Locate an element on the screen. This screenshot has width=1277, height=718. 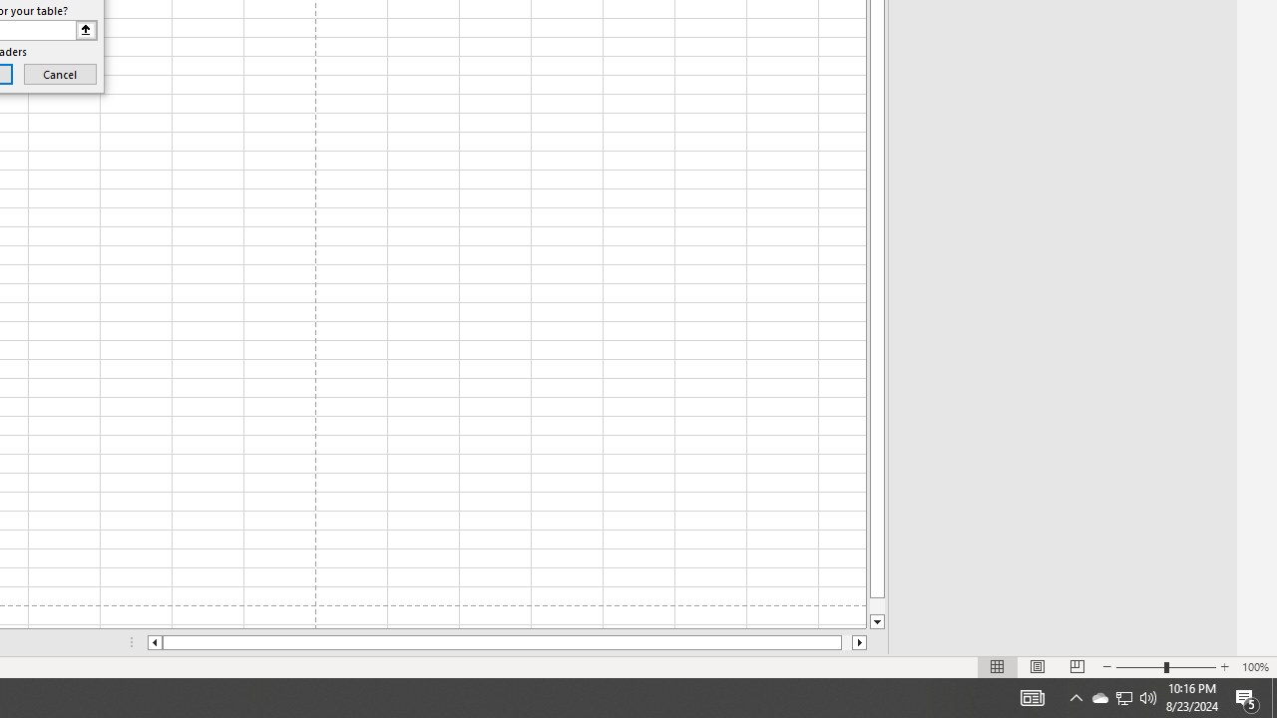
'Class: NetUIScrollBar' is located at coordinates (507, 642).